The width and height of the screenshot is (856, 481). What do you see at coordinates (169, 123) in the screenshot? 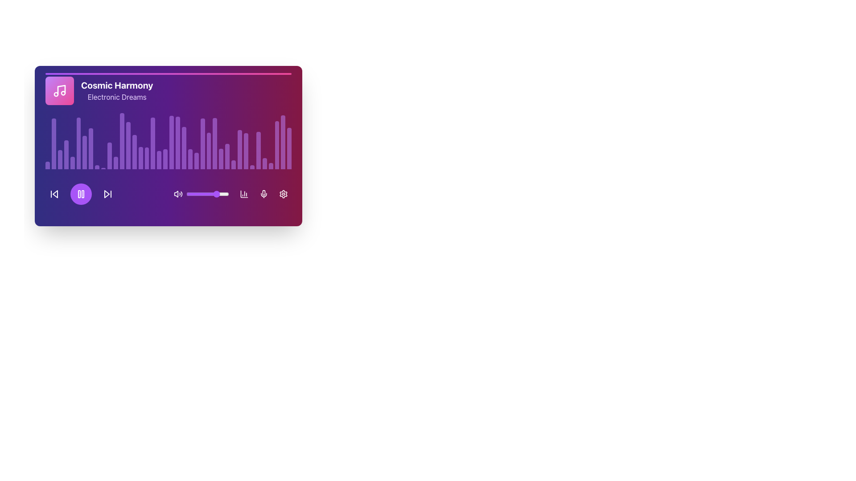
I see `the graphical area of the Graphical Equalizer Visualizer to interact with the audio visualizer` at bounding box center [169, 123].